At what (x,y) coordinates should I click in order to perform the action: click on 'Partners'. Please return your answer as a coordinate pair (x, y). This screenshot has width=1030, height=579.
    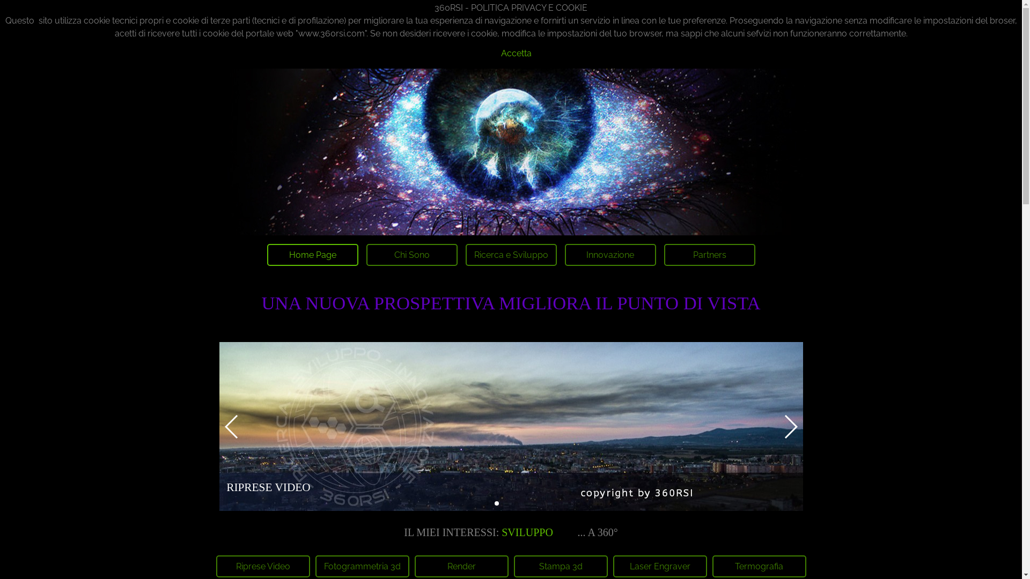
    Looking at the image, I should click on (710, 255).